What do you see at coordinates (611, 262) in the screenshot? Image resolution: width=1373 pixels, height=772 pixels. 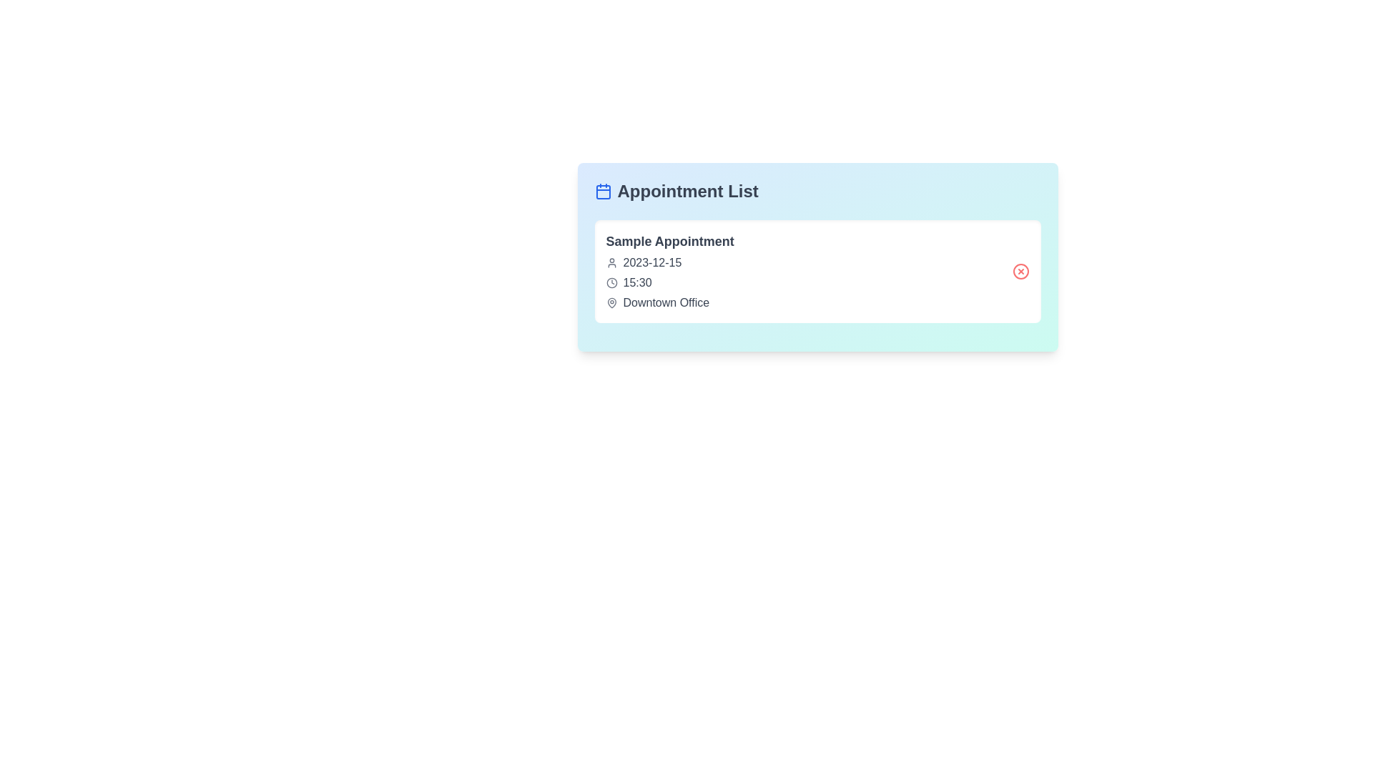 I see `the user silhouette icon, which is a gray minimalist design located to the left of the date '2023-12-15'` at bounding box center [611, 262].